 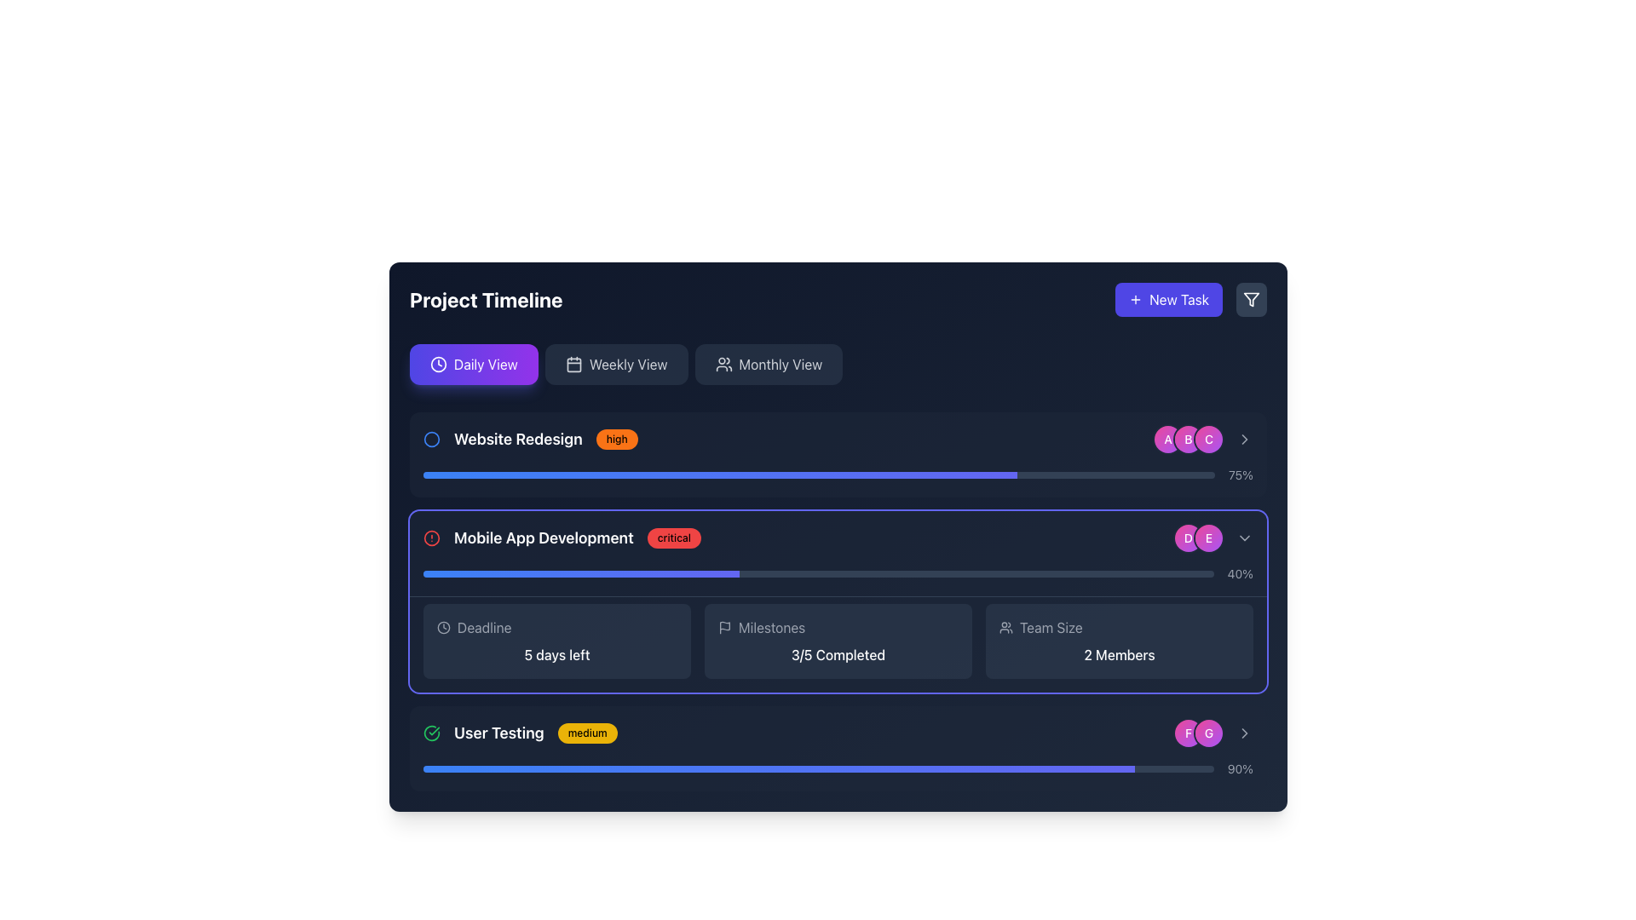 I want to click on the icon representing two interconnected user figures located at the top-left corner of the 'Team Size' card, so click(x=1005, y=627).